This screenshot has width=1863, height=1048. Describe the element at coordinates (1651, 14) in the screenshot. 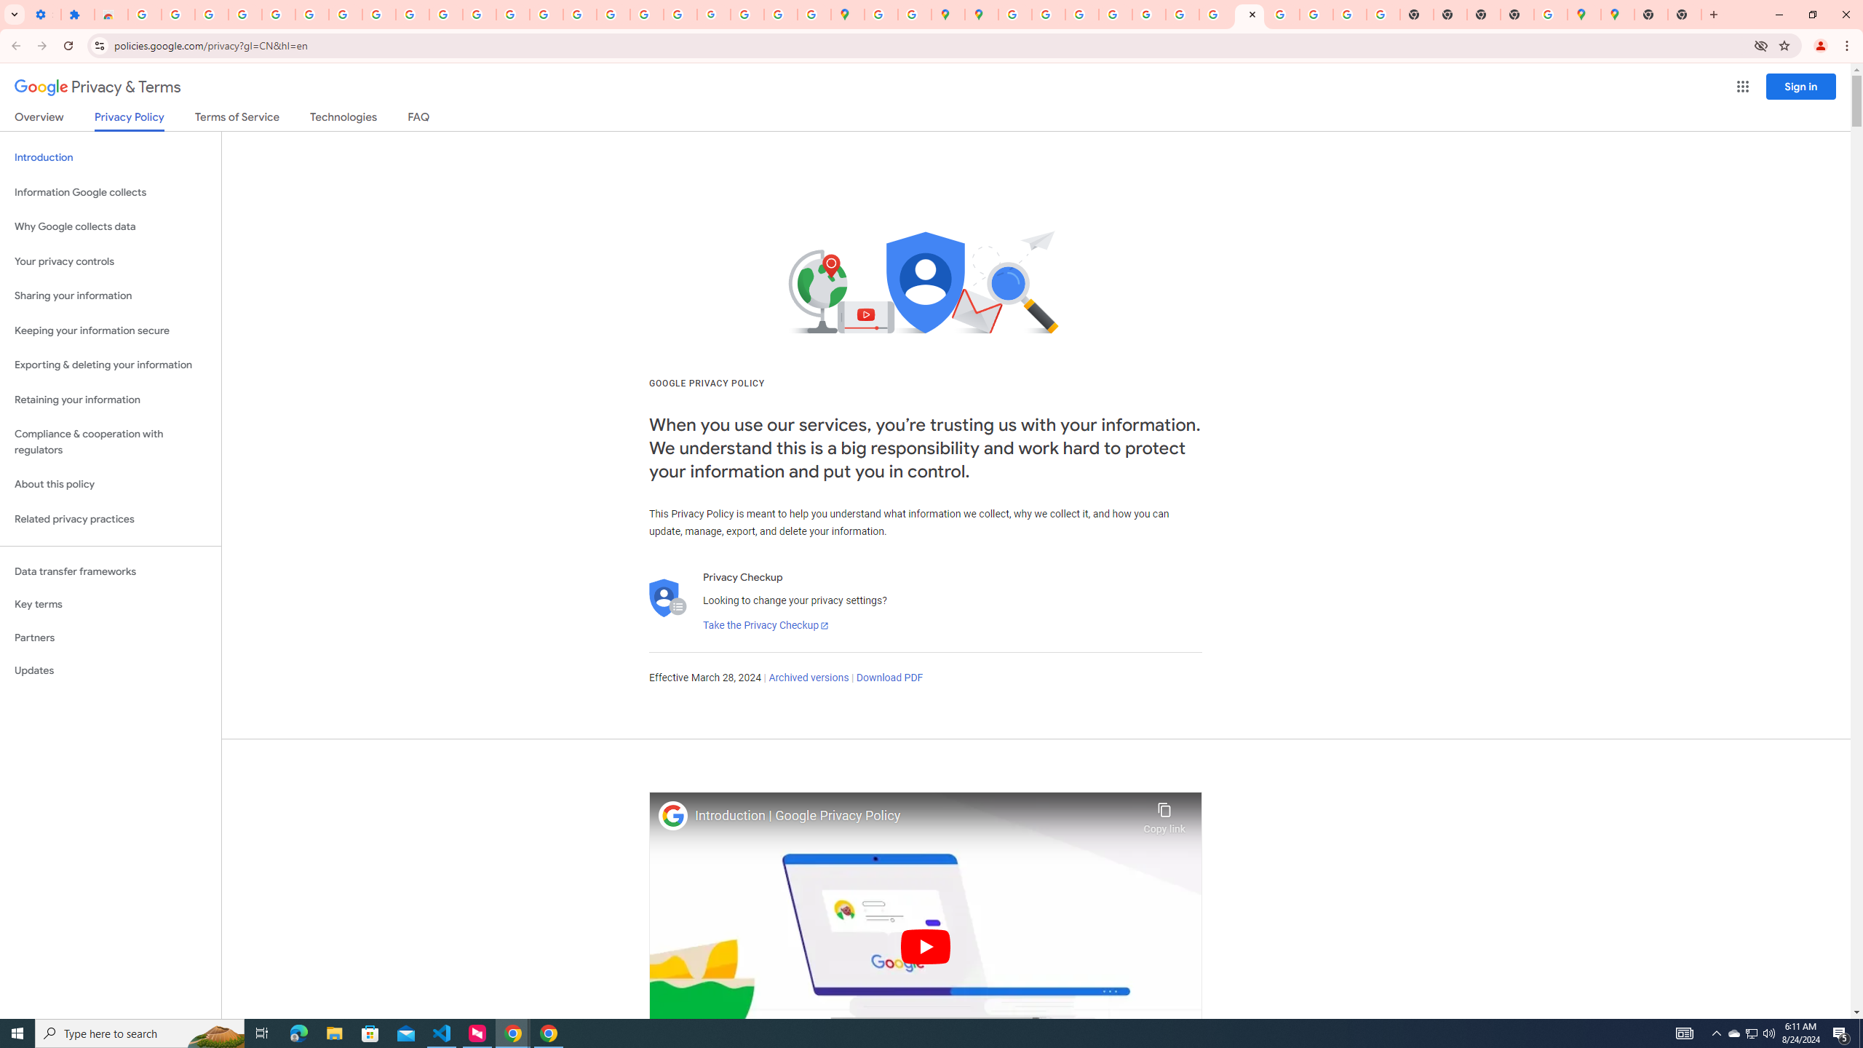

I see `'New Tab'` at that location.